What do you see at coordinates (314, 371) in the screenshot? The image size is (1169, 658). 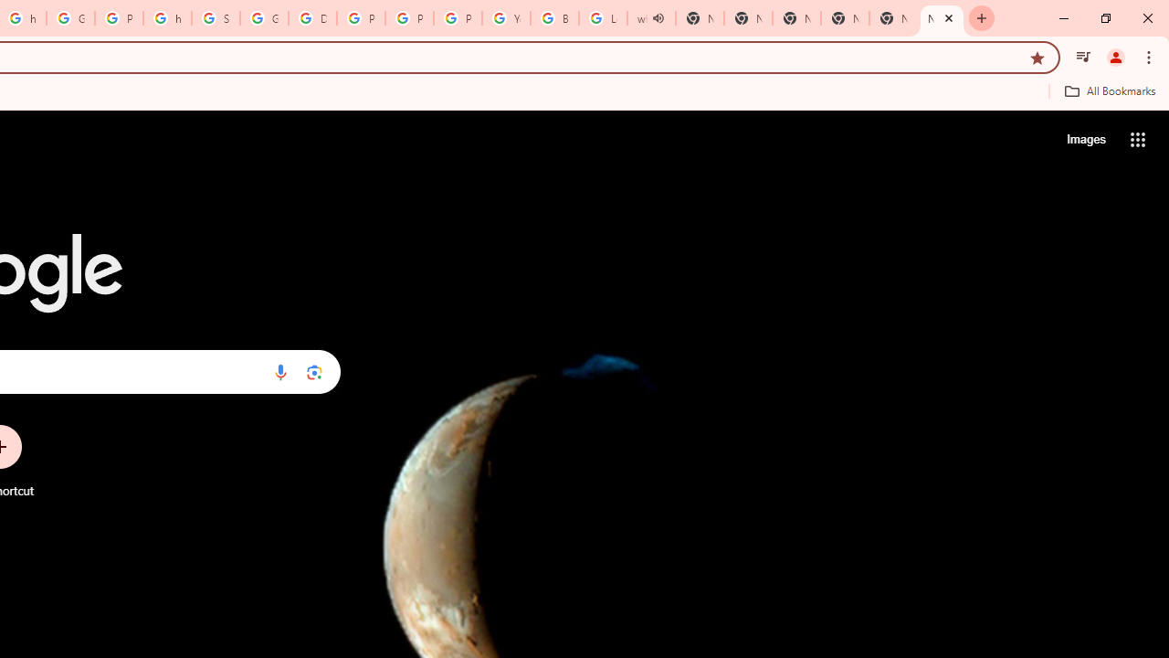 I see `'Search by image'` at bounding box center [314, 371].